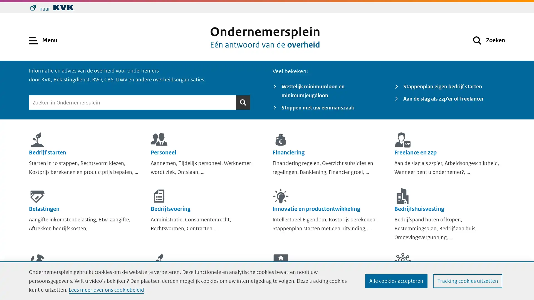 This screenshot has height=300, width=534. What do you see at coordinates (243, 103) in the screenshot?
I see `Zoeken Zoeken` at bounding box center [243, 103].